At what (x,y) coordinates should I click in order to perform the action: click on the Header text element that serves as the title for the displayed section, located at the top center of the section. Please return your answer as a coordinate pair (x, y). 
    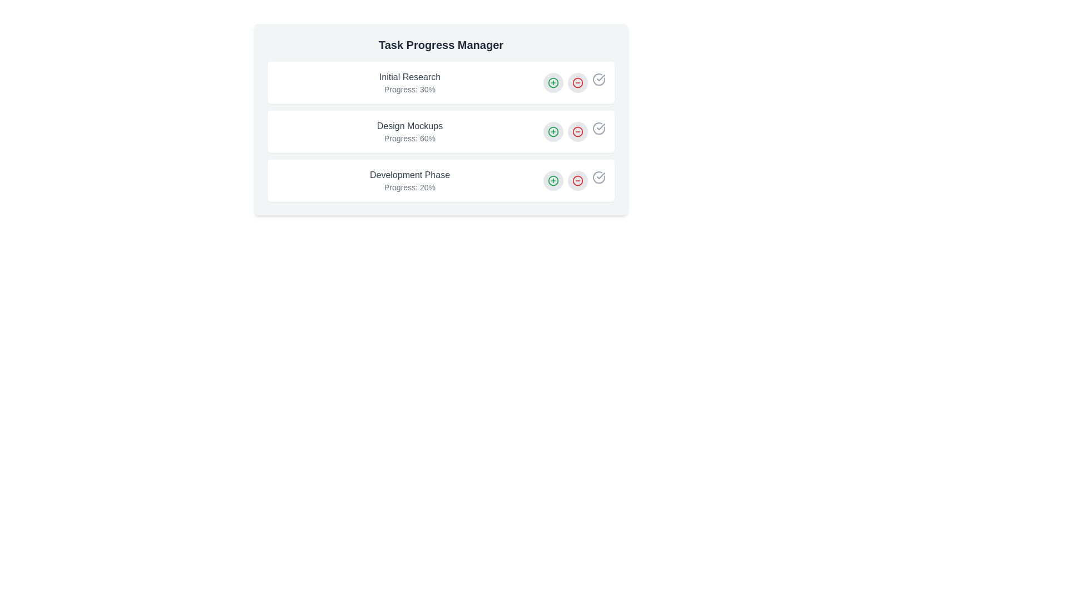
    Looking at the image, I should click on (440, 45).